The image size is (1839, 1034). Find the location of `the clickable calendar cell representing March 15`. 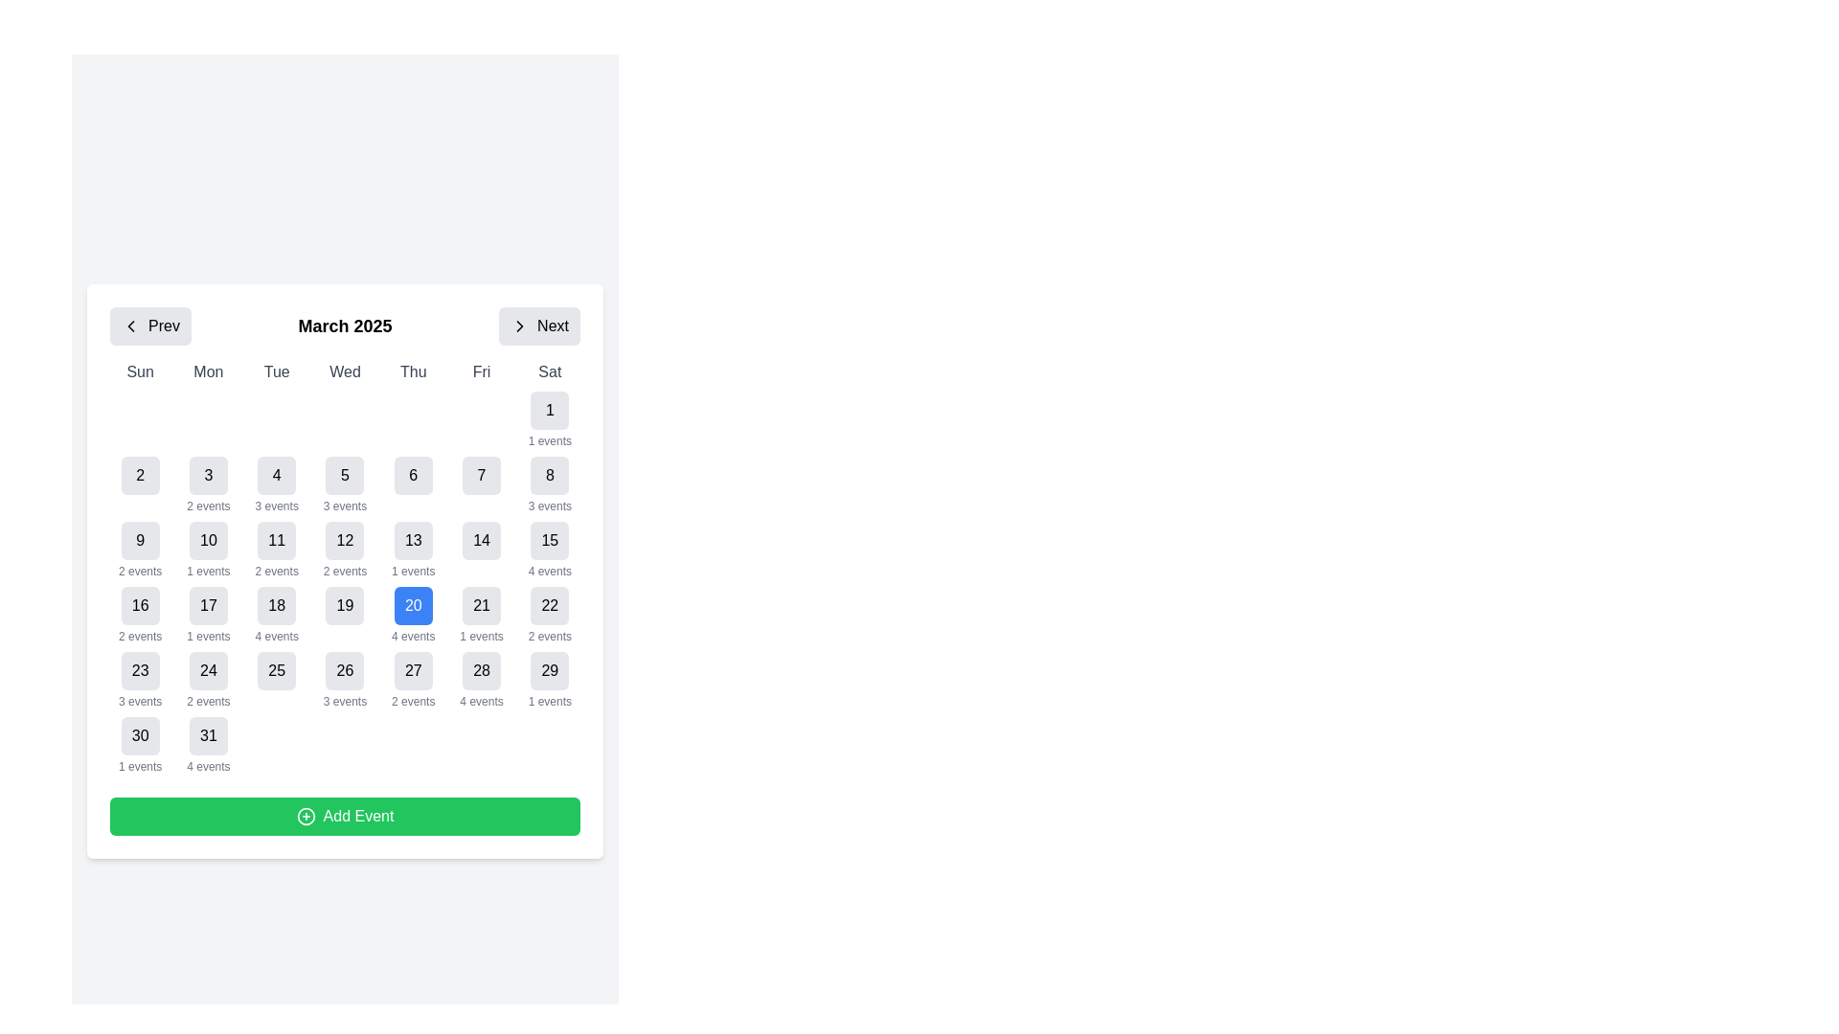

the clickable calendar cell representing March 15 is located at coordinates (549, 550).